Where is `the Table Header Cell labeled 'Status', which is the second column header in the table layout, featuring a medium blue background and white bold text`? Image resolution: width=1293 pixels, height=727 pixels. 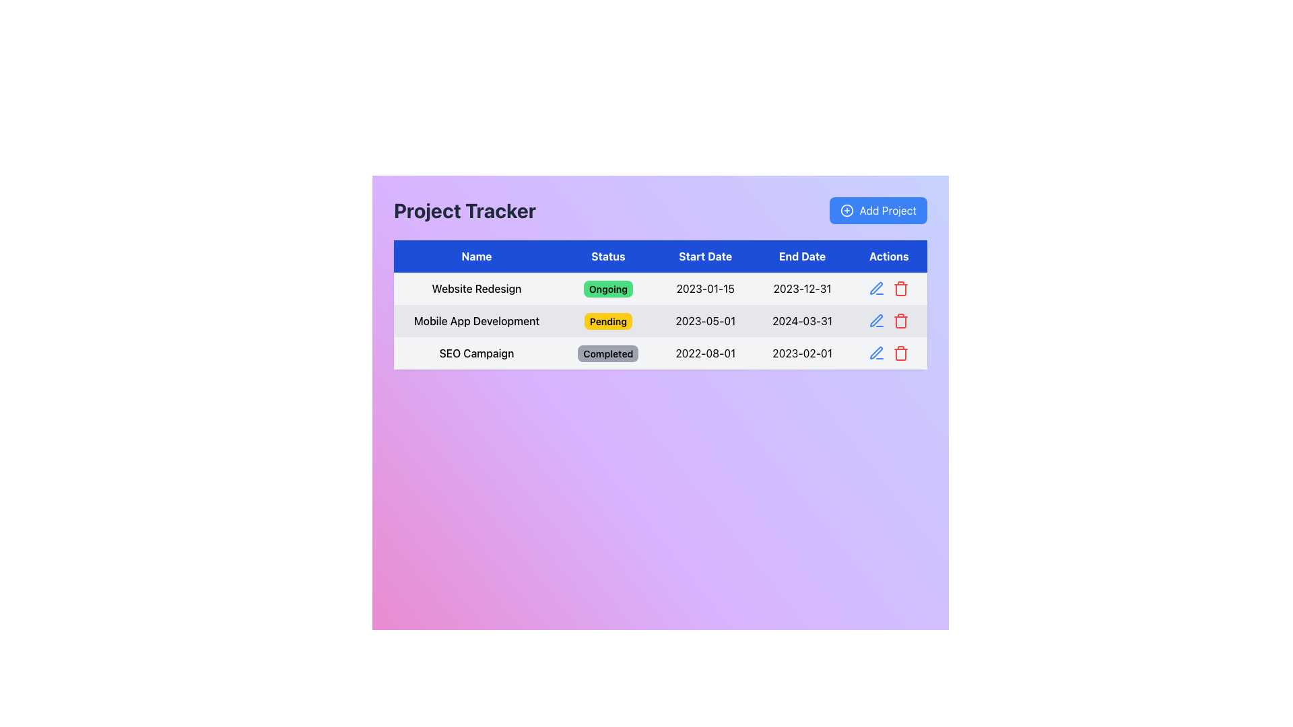 the Table Header Cell labeled 'Status', which is the second column header in the table layout, featuring a medium blue background and white bold text is located at coordinates (607, 256).